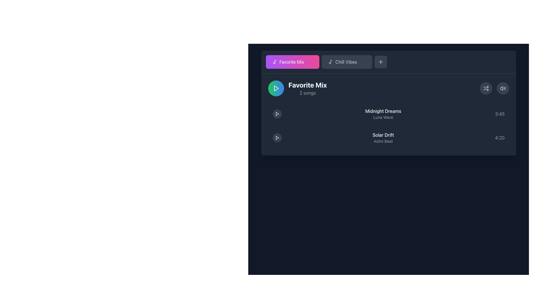 This screenshot has width=546, height=307. What do you see at coordinates (292, 62) in the screenshot?
I see `the first button in the horizontal group` at bounding box center [292, 62].